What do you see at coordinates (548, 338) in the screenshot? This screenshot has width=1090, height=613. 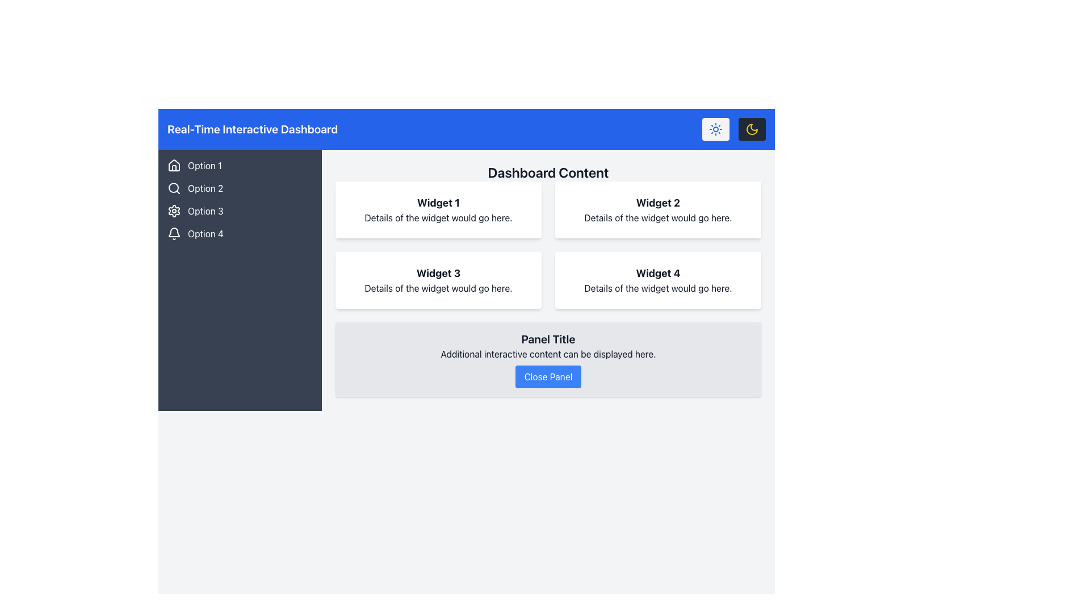 I see `the bold text label 'Panel Title' located at the top part of the panel, which serves as a header and stands out against the light-gray background` at bounding box center [548, 338].